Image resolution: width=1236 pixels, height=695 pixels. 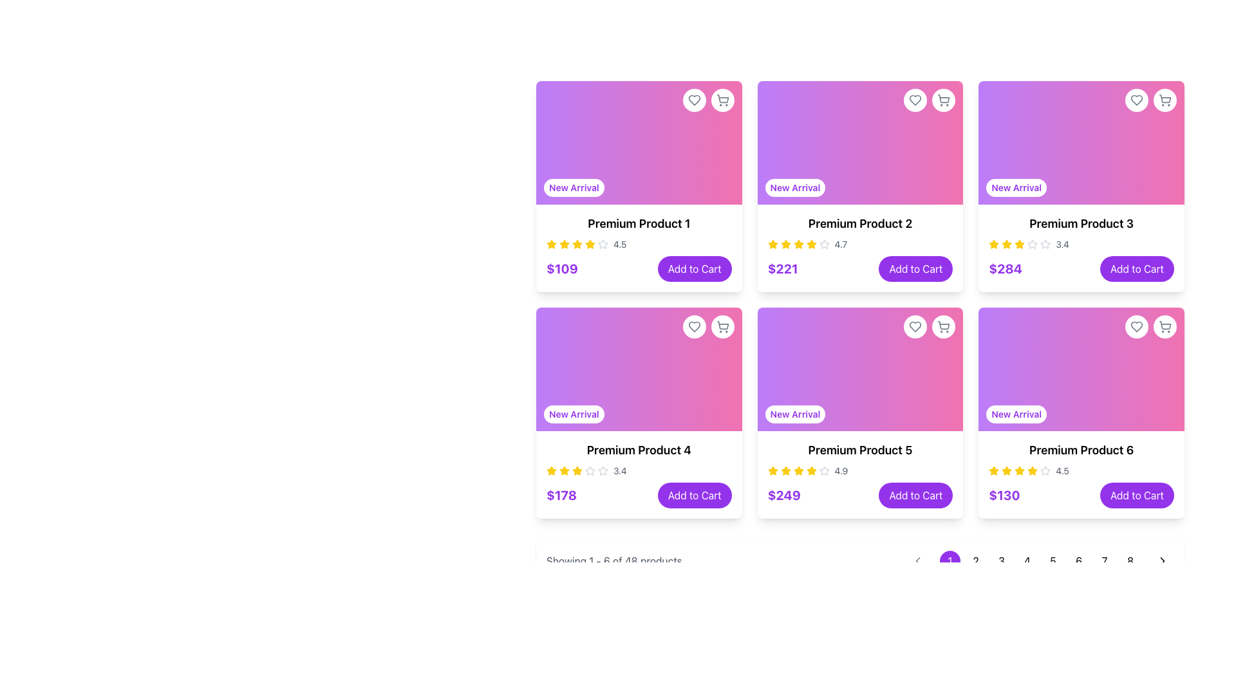 I want to click on the third star icon in the customer rating display for the 'Premium Product 5', which visually represents part of the 4.9 rating, so click(x=785, y=471).